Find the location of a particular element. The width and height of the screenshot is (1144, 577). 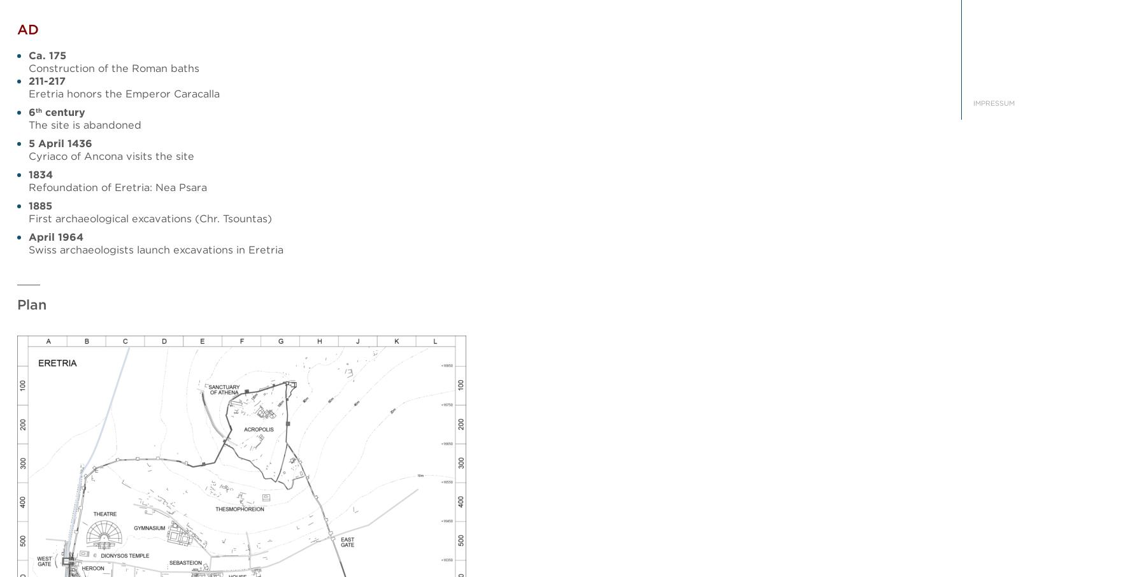

'Eretria honors the Emperor Caracalla' is located at coordinates (124, 94).